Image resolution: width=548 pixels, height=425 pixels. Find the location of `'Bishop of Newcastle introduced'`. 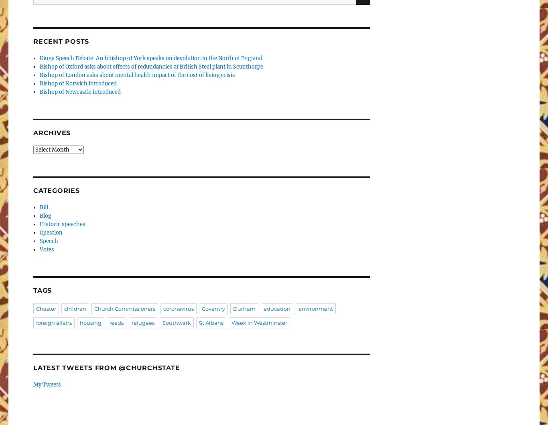

'Bishop of Newcastle introduced' is located at coordinates (79, 91).